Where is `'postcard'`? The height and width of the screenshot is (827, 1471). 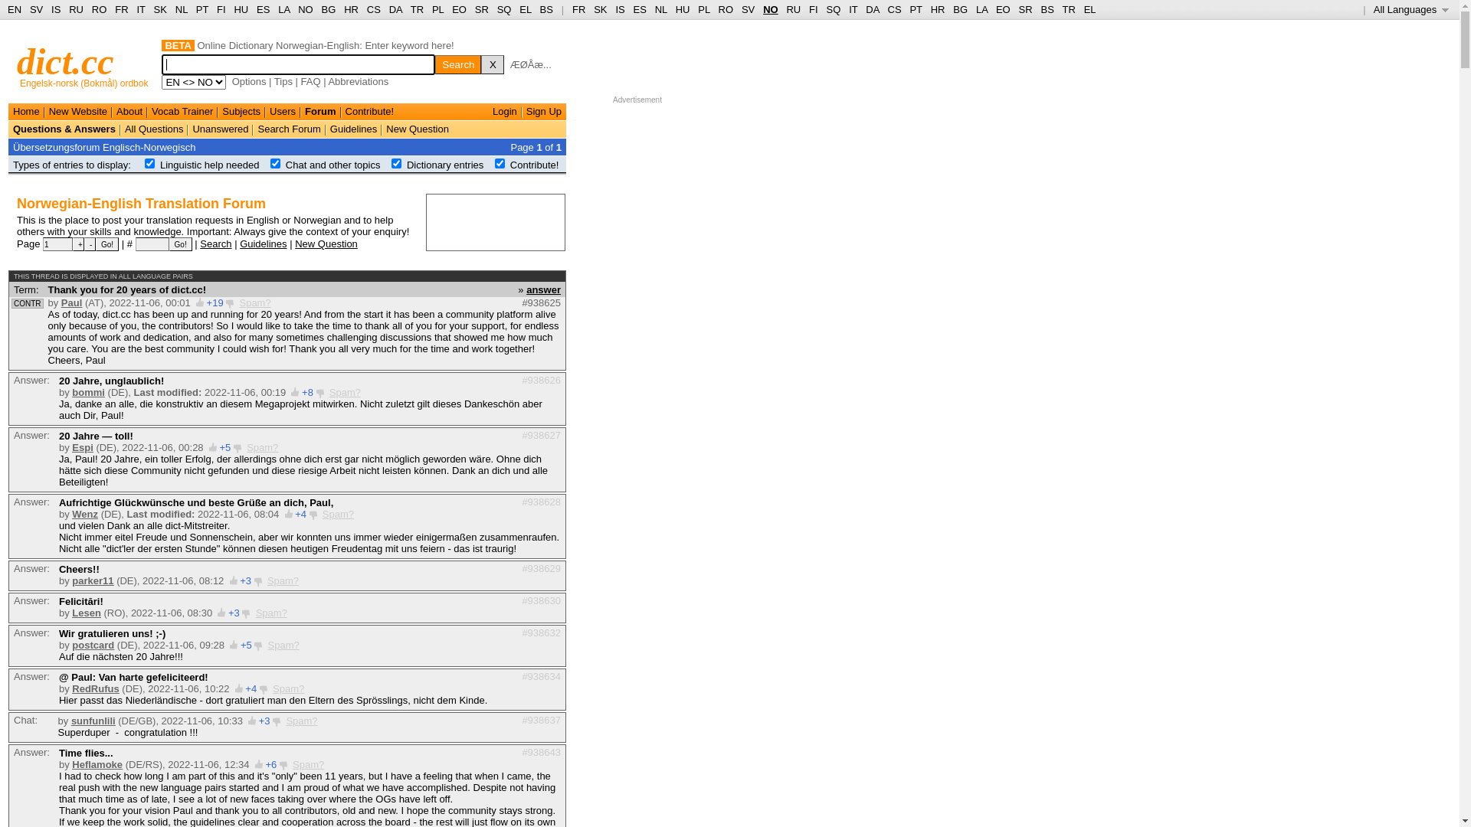
'postcard' is located at coordinates (92, 645).